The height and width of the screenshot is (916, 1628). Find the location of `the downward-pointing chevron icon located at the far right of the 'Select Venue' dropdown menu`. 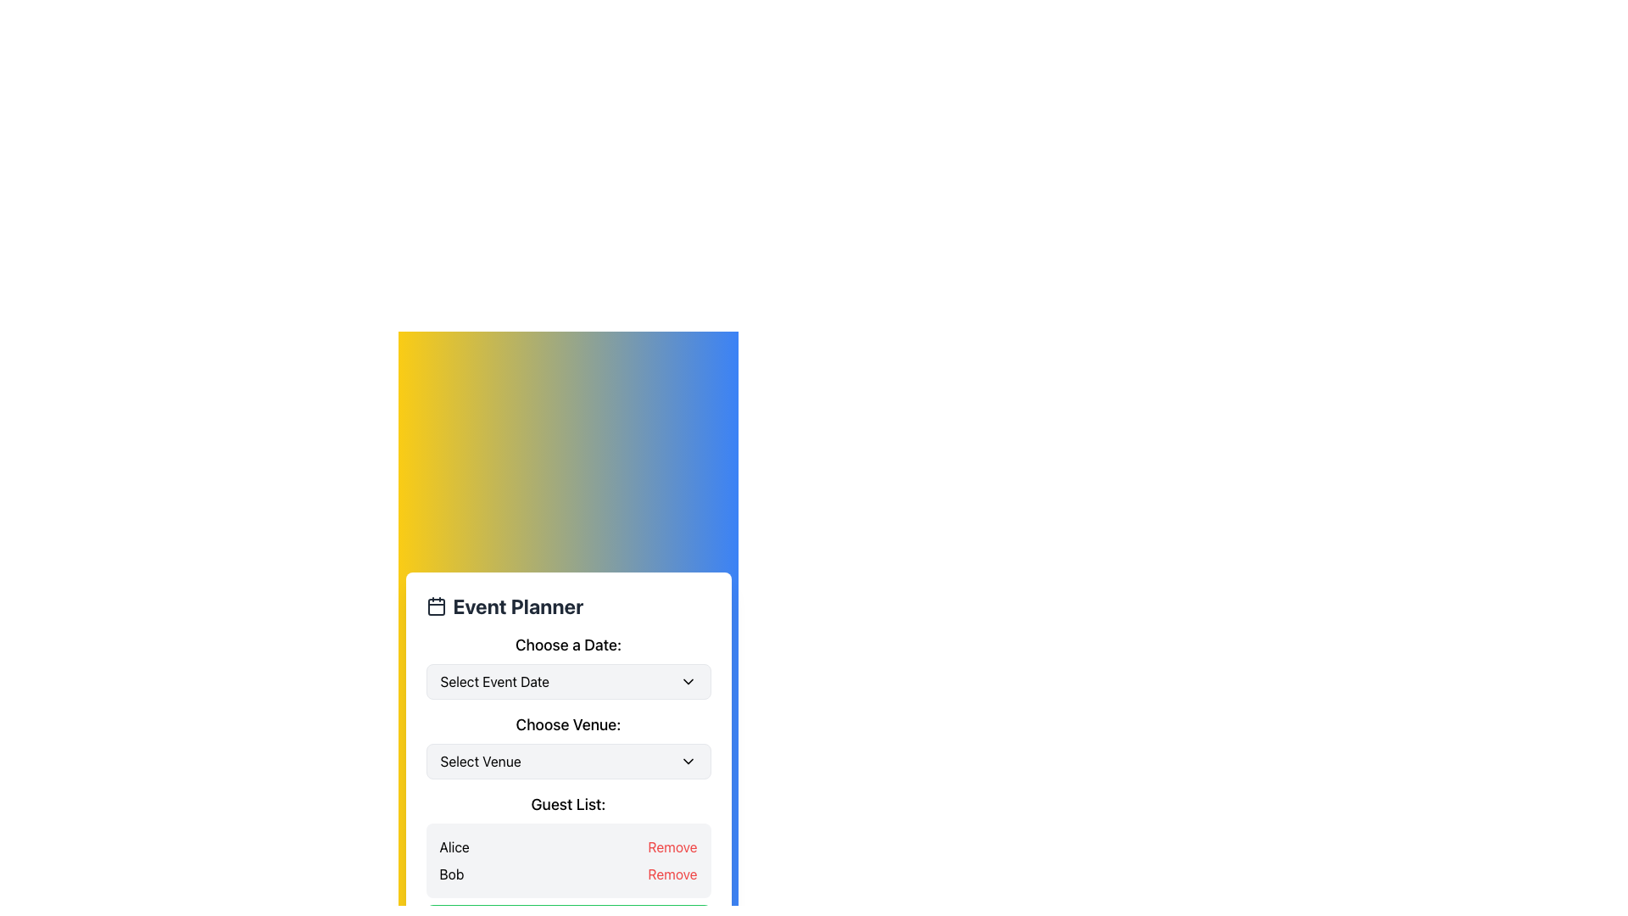

the downward-pointing chevron icon located at the far right of the 'Select Venue' dropdown menu is located at coordinates (688, 761).